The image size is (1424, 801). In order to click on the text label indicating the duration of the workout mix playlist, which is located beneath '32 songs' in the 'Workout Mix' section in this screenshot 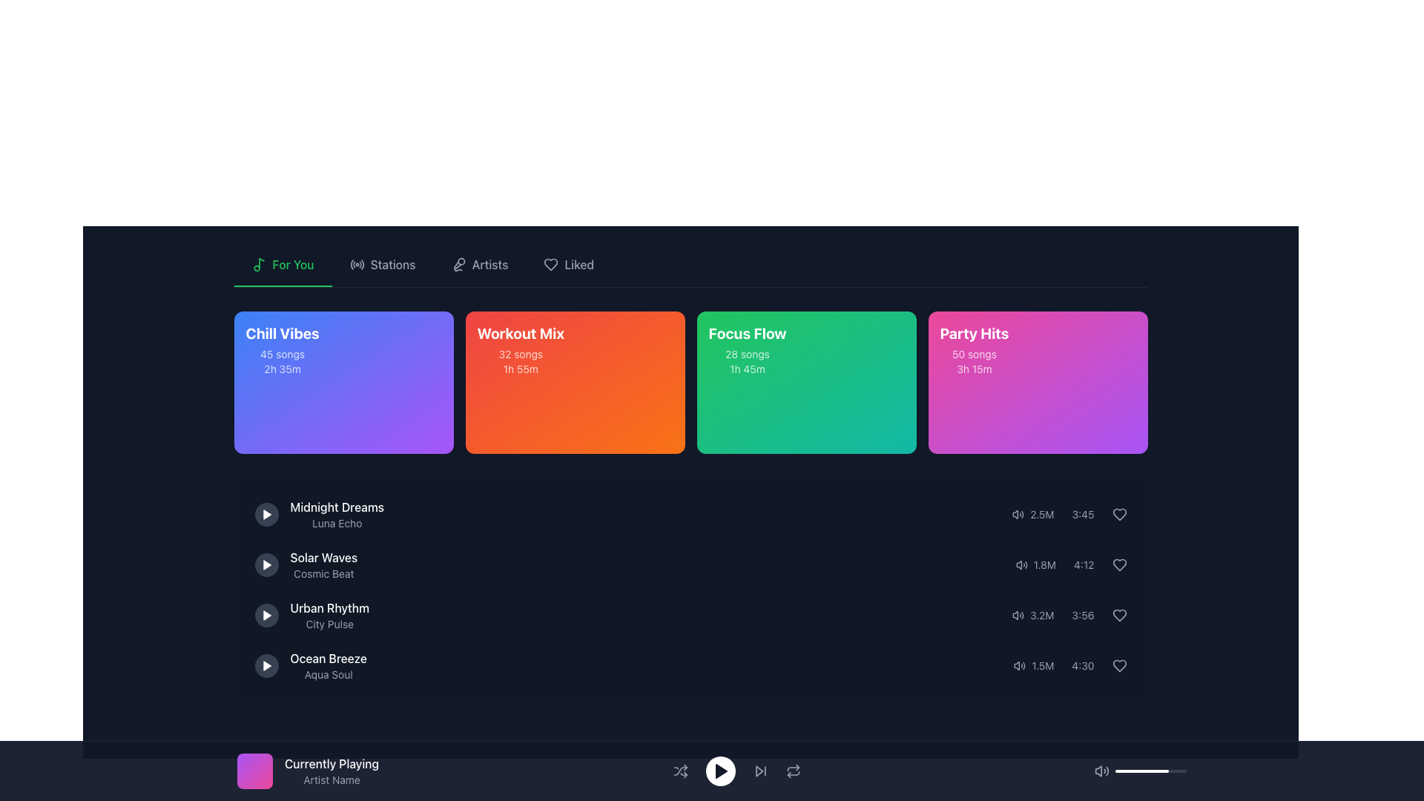, I will do `click(521, 368)`.